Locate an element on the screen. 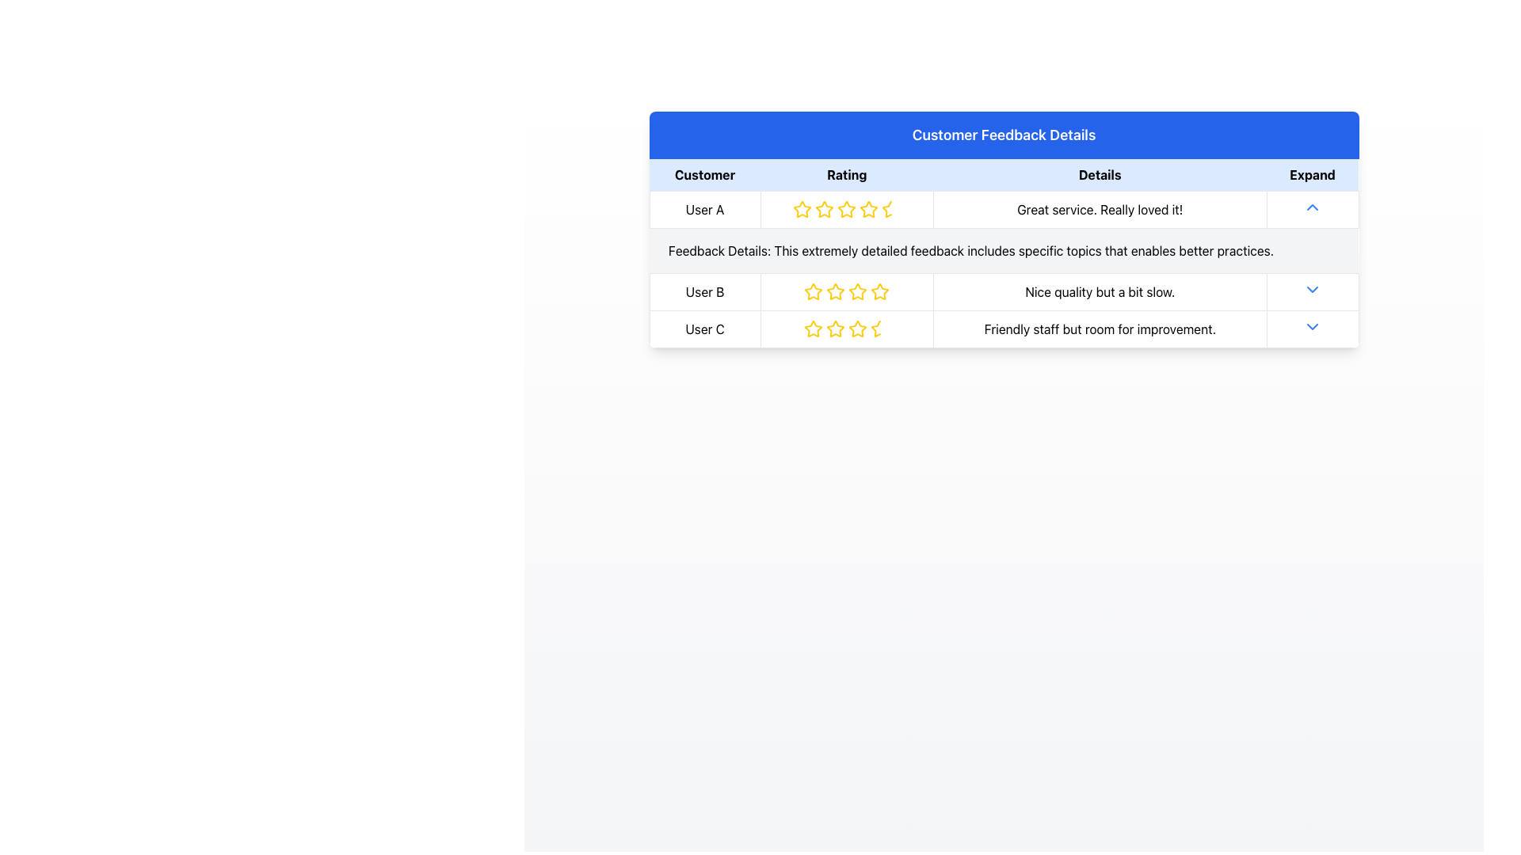 The height and width of the screenshot is (855, 1521). the first star rating icon for 'User C' in the feedback table, which is a yellow-bordered star with a hollow center is located at coordinates (814, 328).